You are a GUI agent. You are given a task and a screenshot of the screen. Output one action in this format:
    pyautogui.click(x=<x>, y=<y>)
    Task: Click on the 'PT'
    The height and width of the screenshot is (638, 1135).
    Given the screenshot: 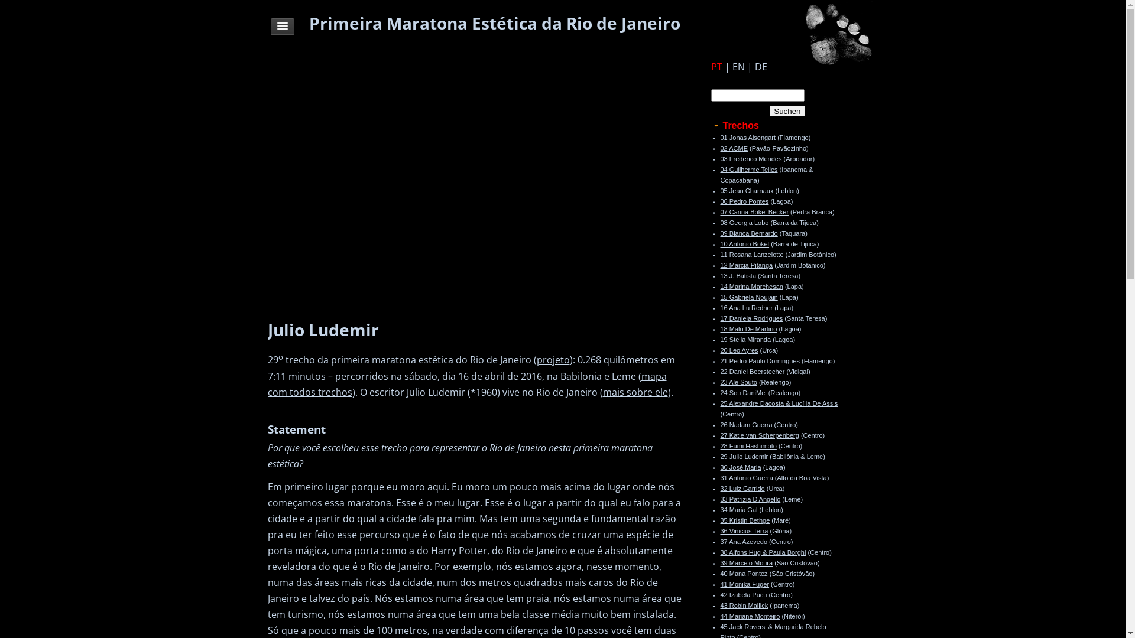 What is the action you would take?
    pyautogui.click(x=715, y=66)
    